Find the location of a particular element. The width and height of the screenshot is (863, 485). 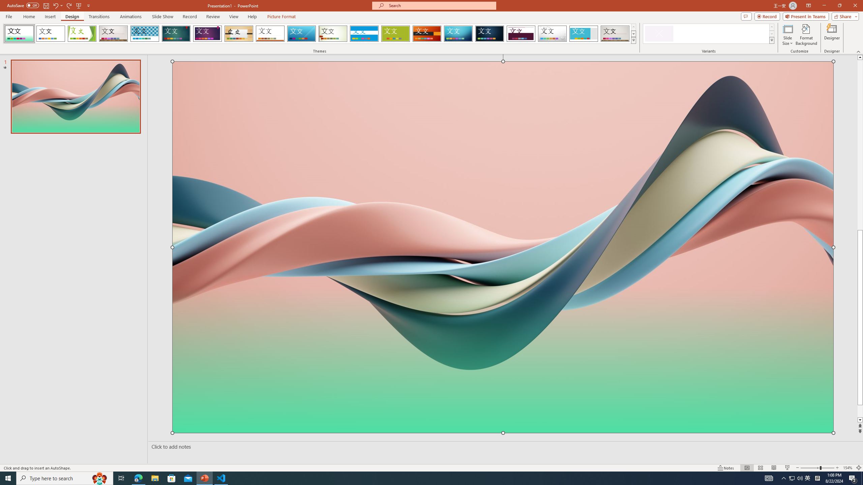

'Format Background' is located at coordinates (806, 35).